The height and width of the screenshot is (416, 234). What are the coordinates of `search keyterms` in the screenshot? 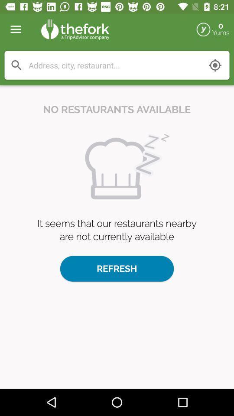 It's located at (16, 65).